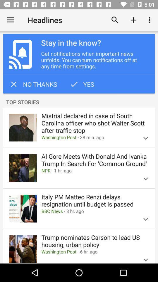  I want to click on top stories icon, so click(79, 102).